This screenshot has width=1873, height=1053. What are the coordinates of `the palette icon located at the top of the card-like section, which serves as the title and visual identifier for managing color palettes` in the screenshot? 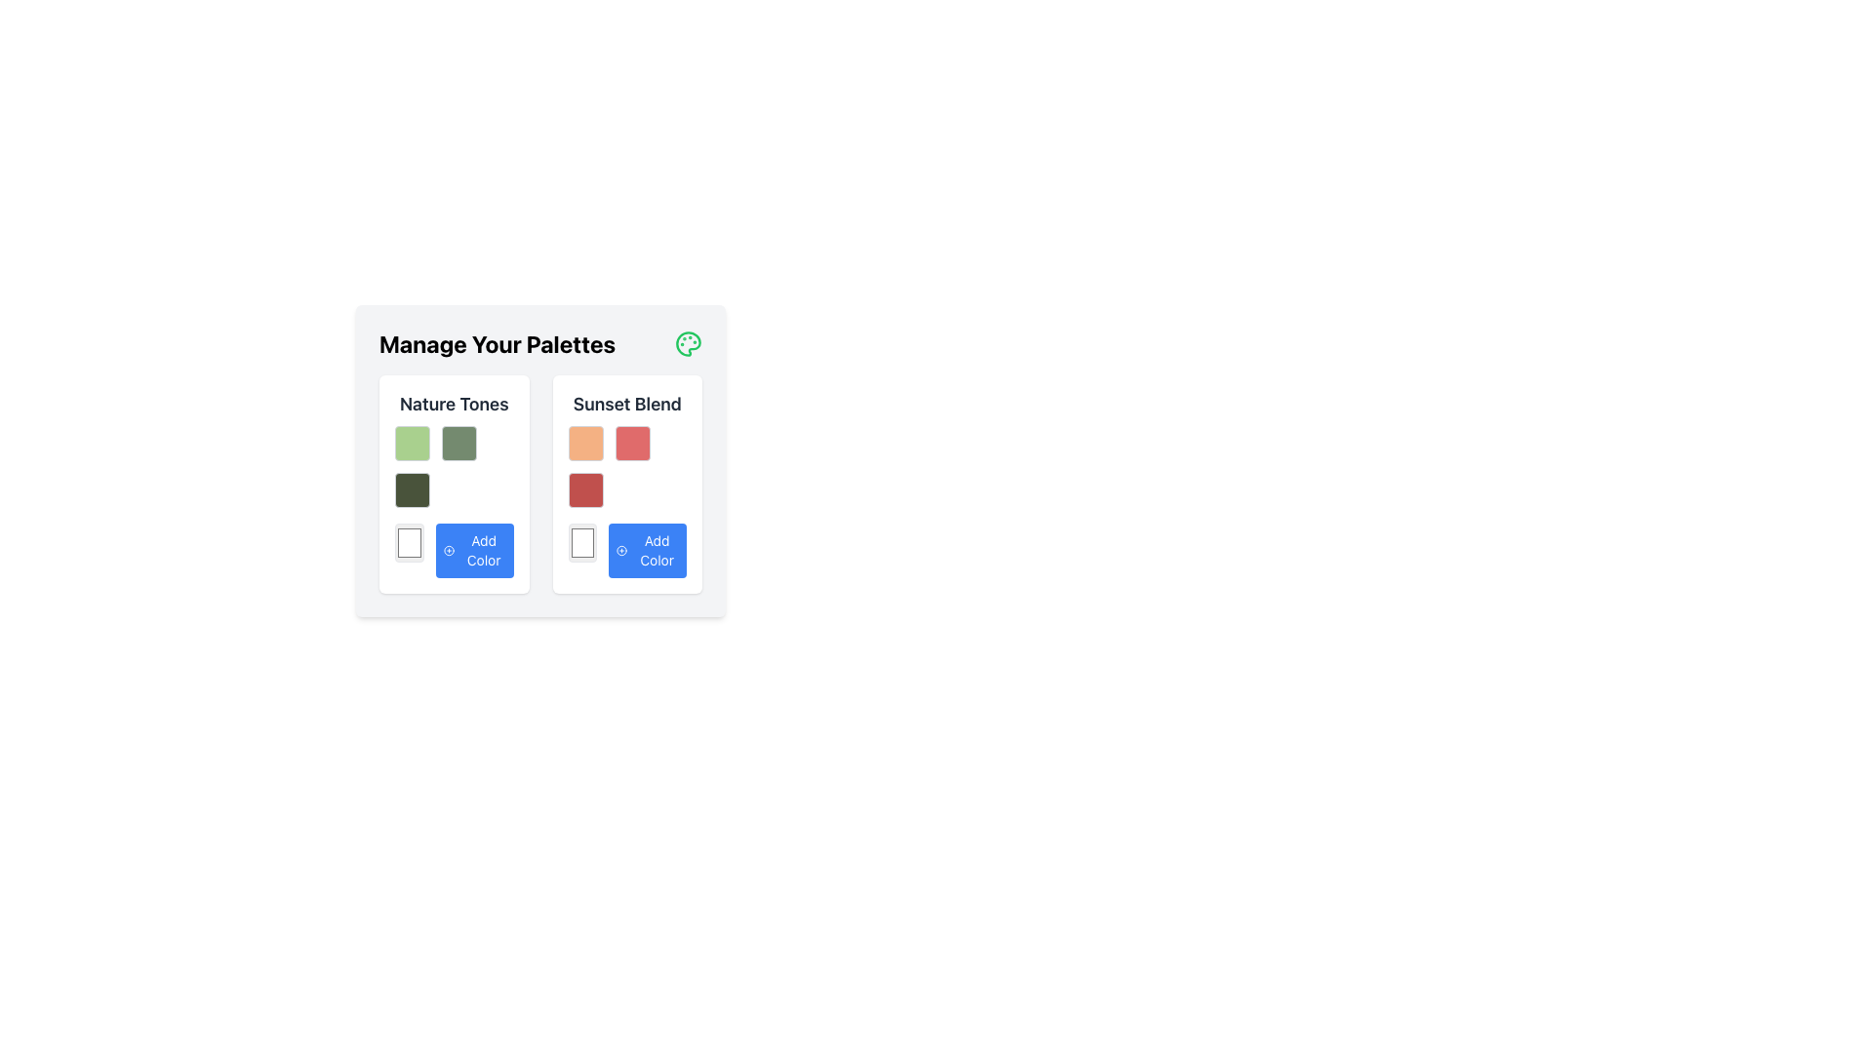 It's located at (540, 343).